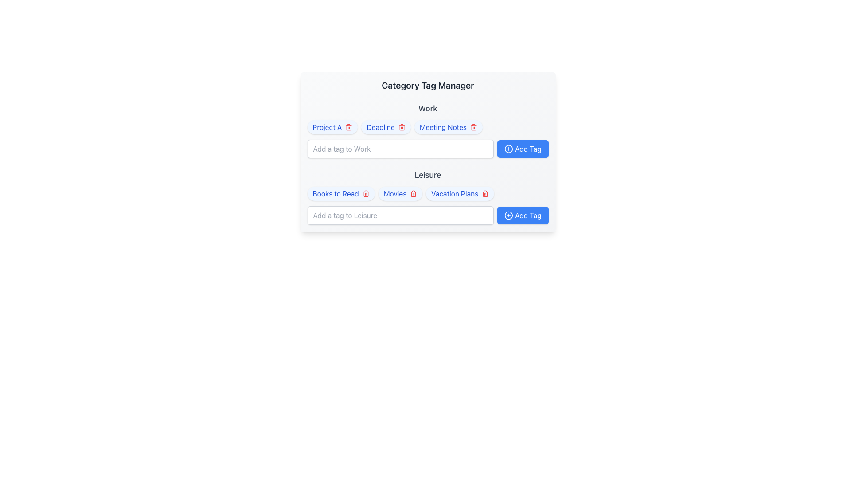 This screenshot has height=479, width=851. Describe the element at coordinates (348, 127) in the screenshot. I see `the red trash bin icon button located to the right of the 'Project A' label in the 'Work' section of the 'Category Tag Manager' interface` at that location.